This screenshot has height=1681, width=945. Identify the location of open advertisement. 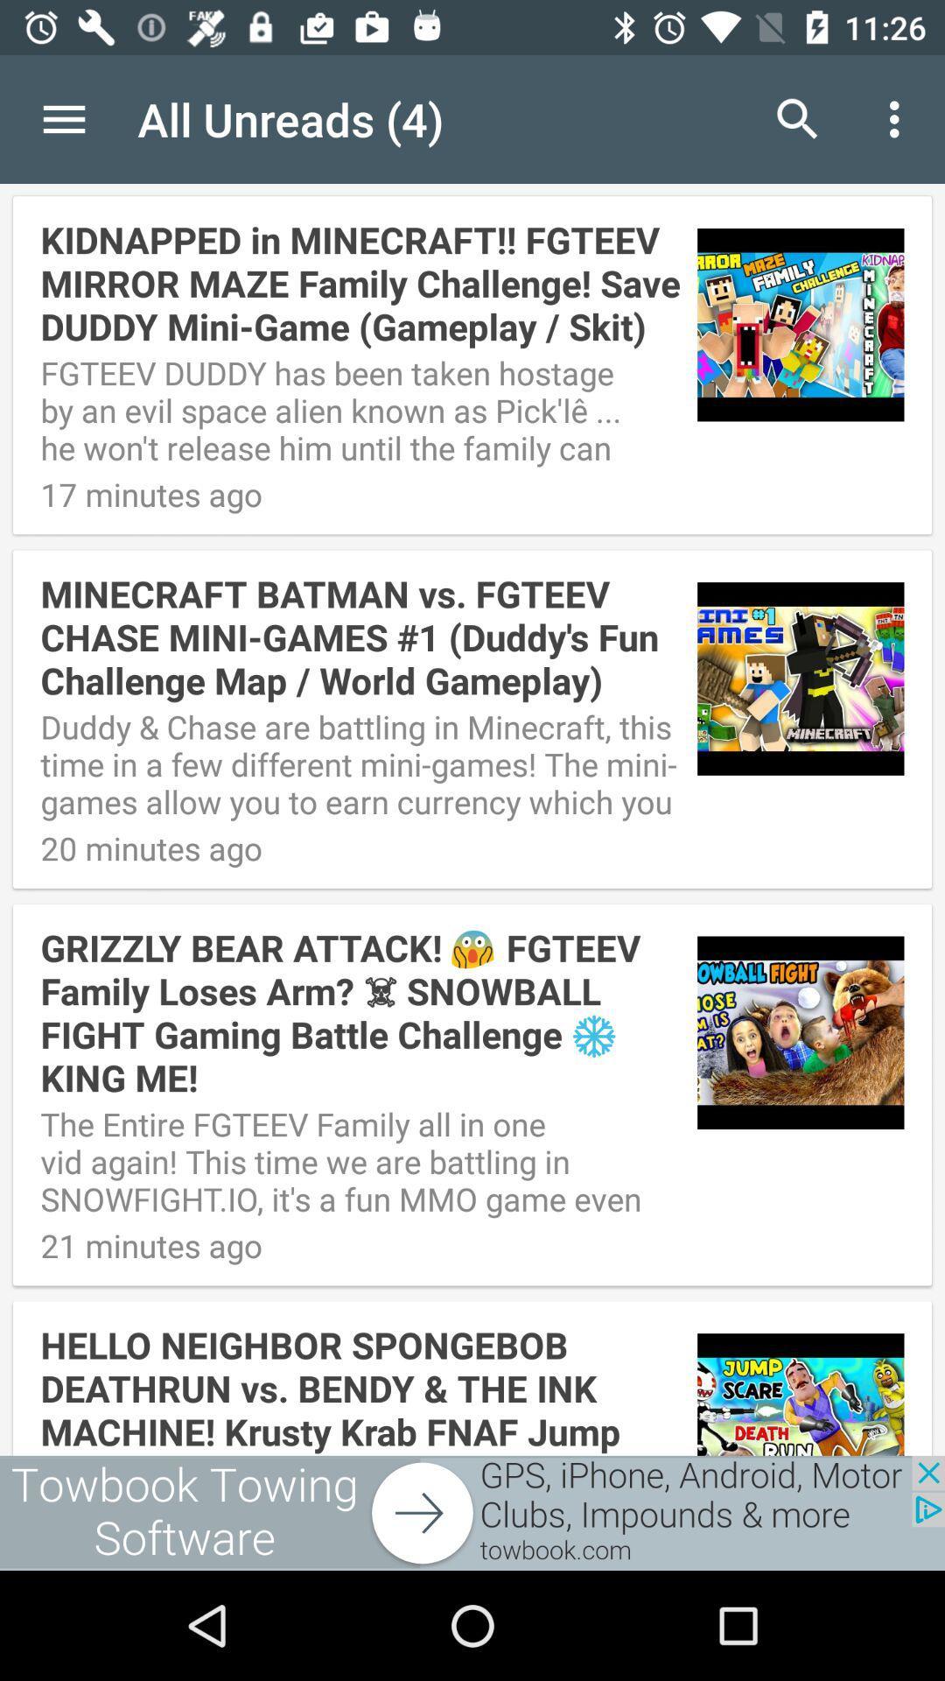
(472, 1512).